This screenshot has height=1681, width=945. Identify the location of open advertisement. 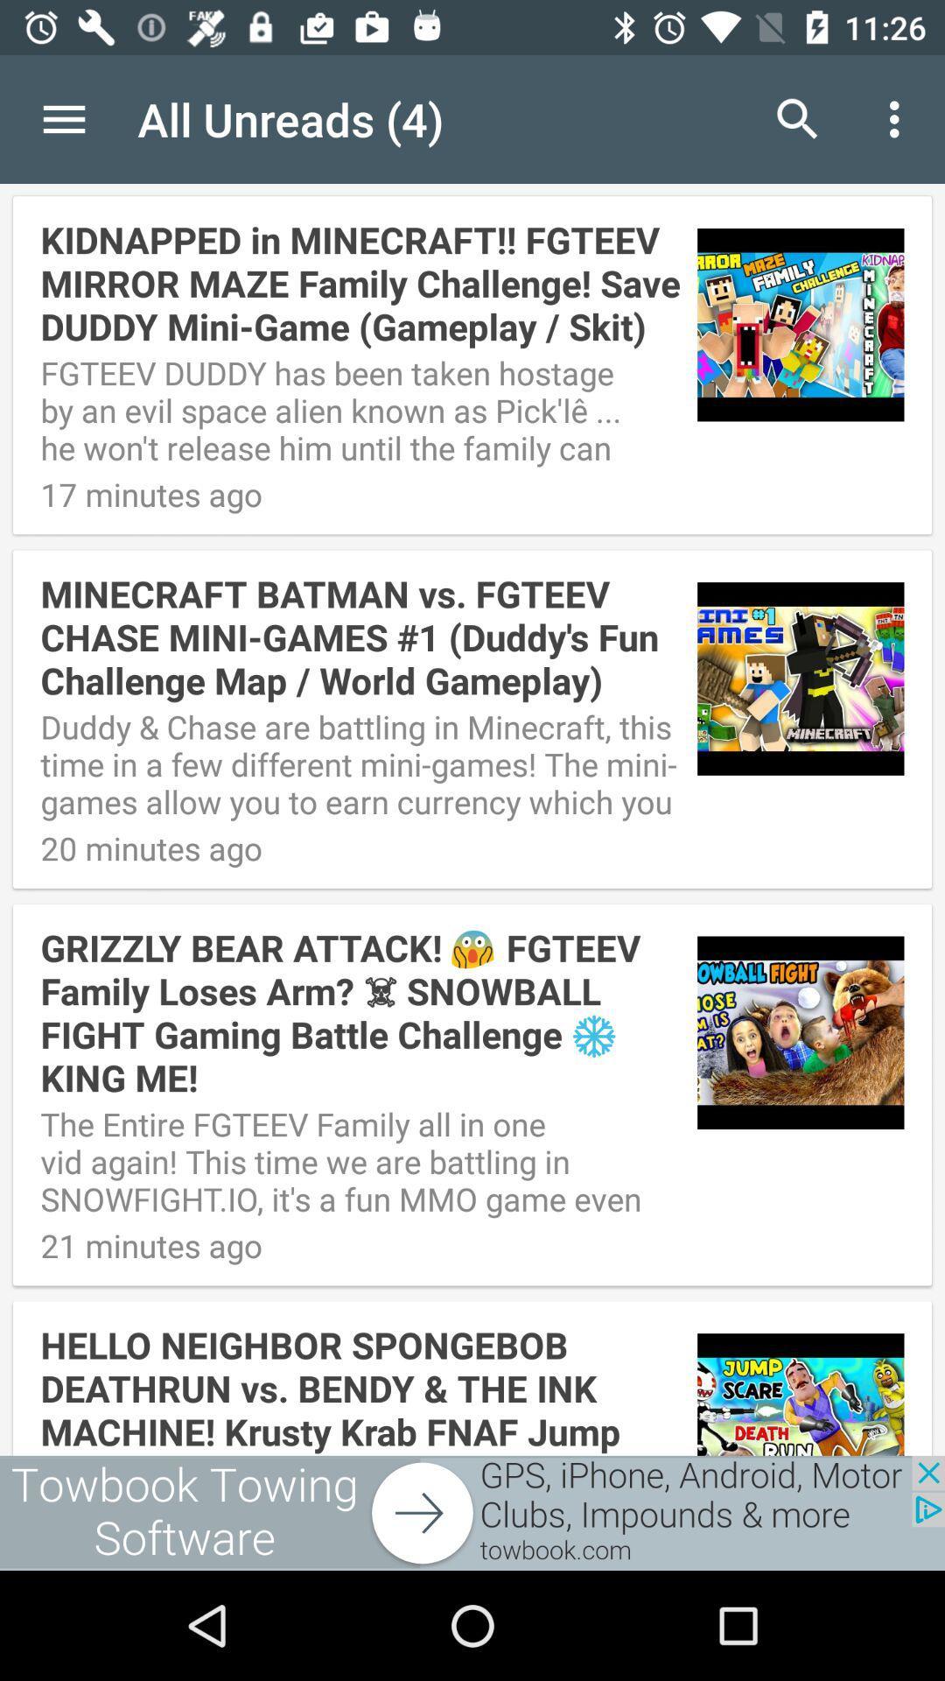
(472, 1512).